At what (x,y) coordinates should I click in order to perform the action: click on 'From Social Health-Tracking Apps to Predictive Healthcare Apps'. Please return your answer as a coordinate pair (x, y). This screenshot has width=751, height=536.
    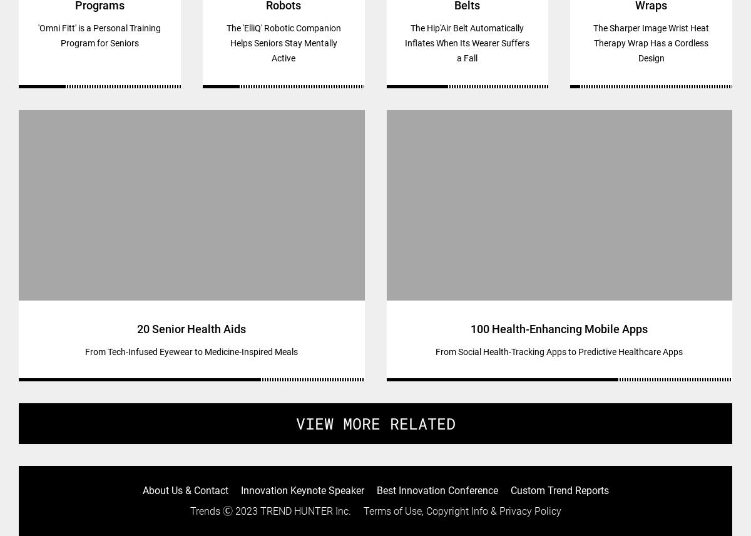
    Looking at the image, I should click on (558, 351).